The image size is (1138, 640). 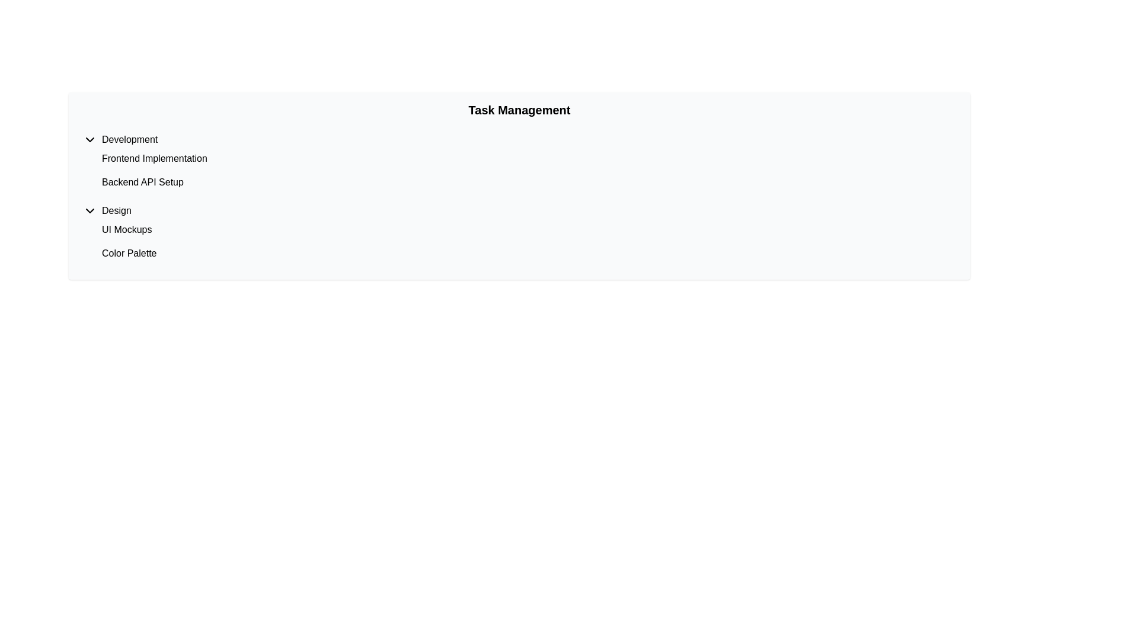 What do you see at coordinates (142, 183) in the screenshot?
I see `the label containing the text 'Backend API Setup', which is styled as plain black text on a white background and is located in the second position within the 'Development' section of the list` at bounding box center [142, 183].